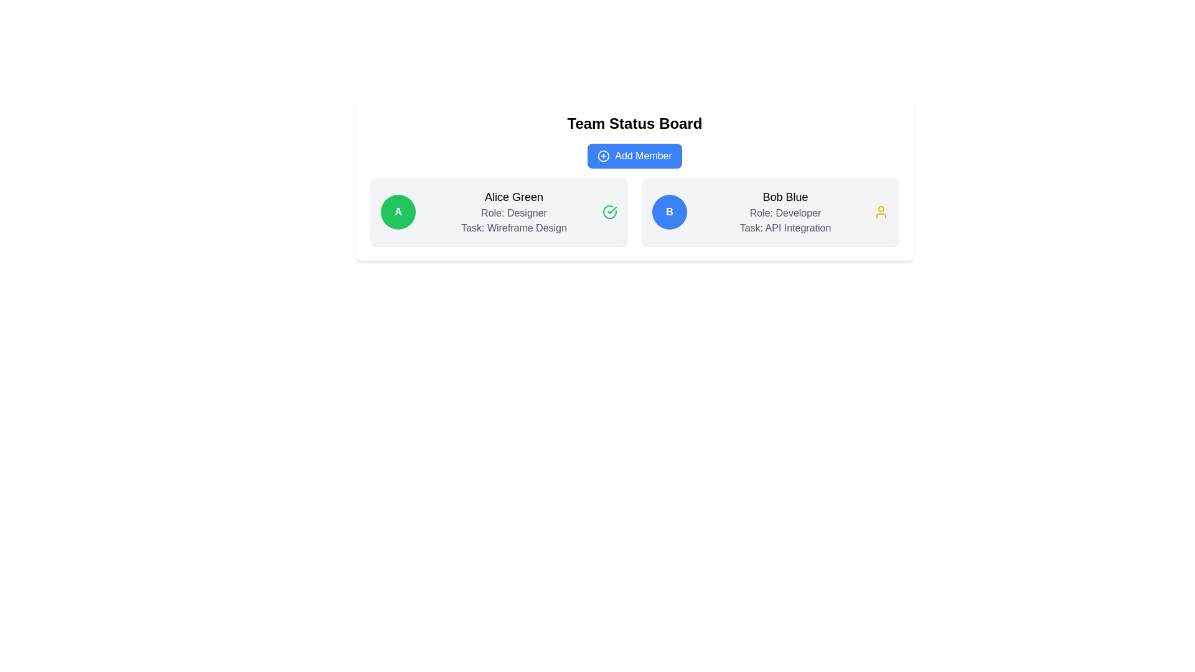 The image size is (1195, 672). Describe the element at coordinates (397, 211) in the screenshot. I see `the circular avatar with a green background and a bold white letter 'A' that represents 'Alice Green'` at that location.